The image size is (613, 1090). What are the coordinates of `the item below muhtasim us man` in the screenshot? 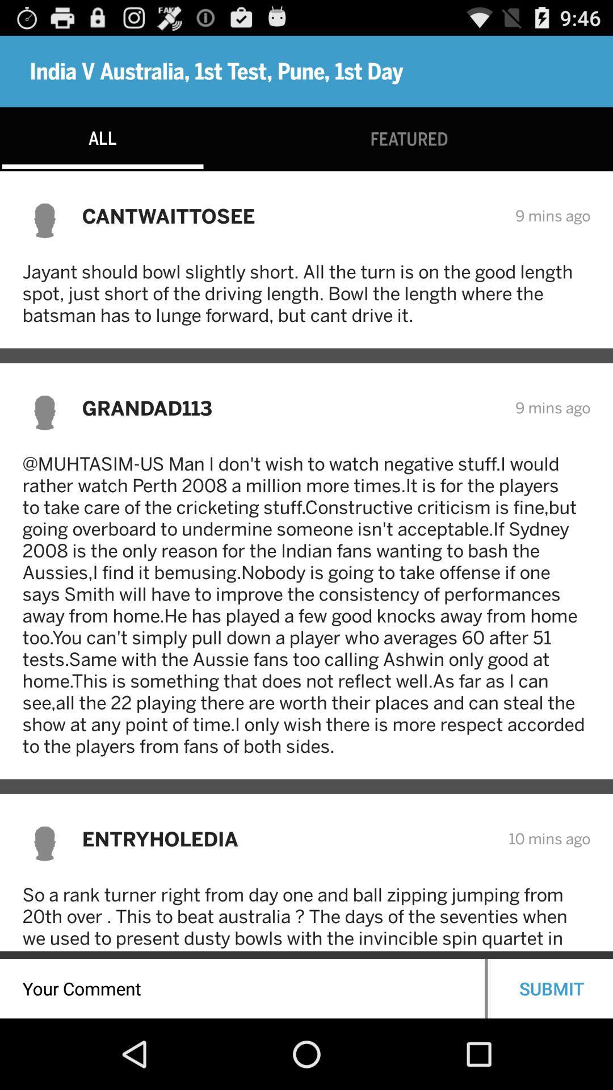 It's located at (287, 839).